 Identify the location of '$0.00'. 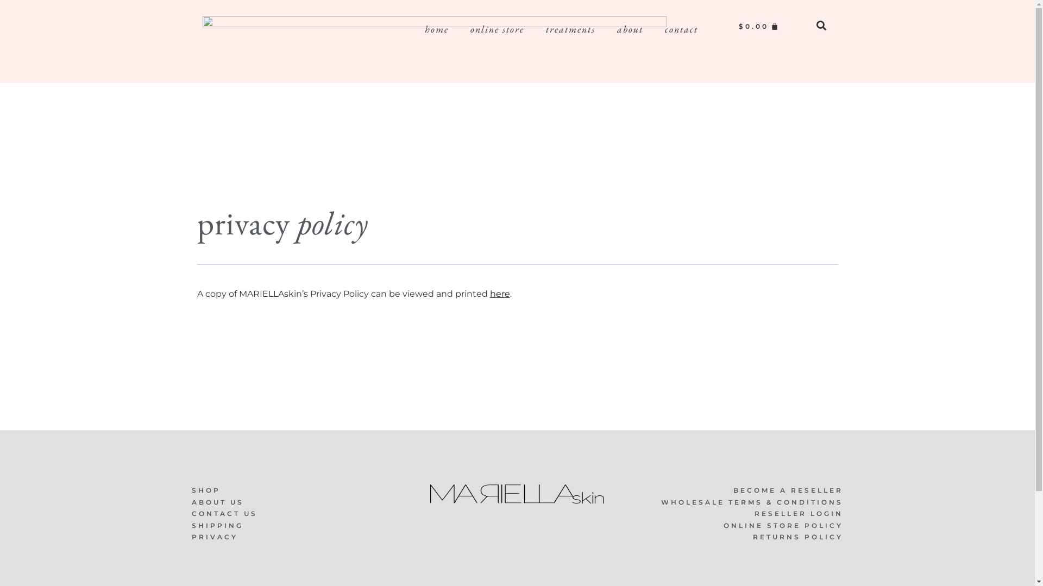
(759, 26).